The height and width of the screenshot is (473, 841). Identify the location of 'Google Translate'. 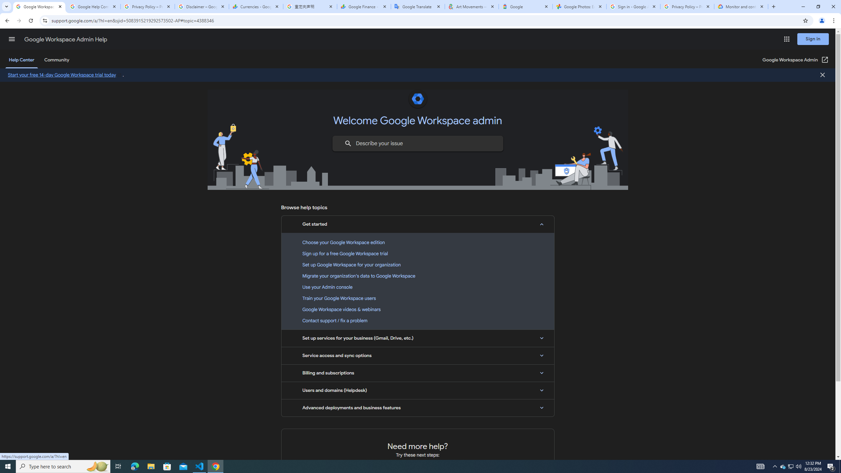
(418, 6).